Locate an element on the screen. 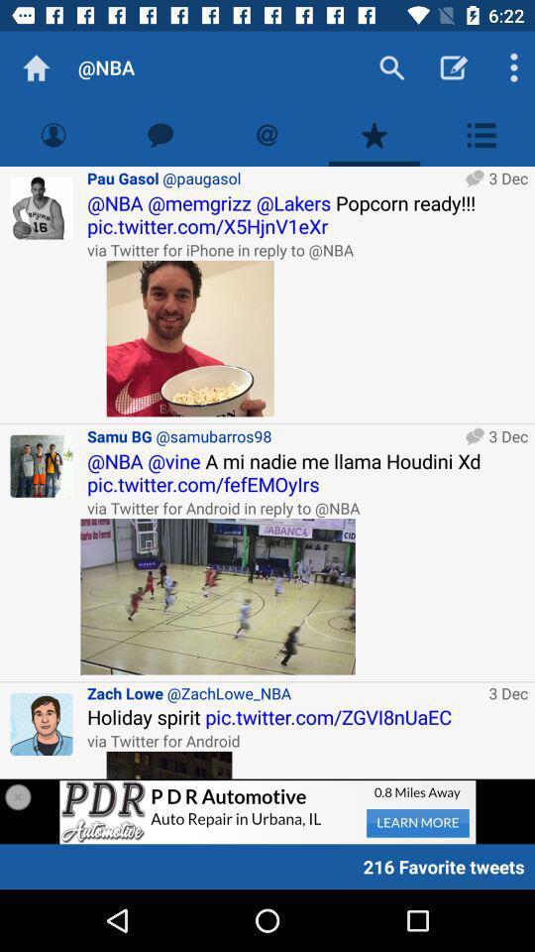 The height and width of the screenshot is (952, 535). advertisement is located at coordinates (169, 764).